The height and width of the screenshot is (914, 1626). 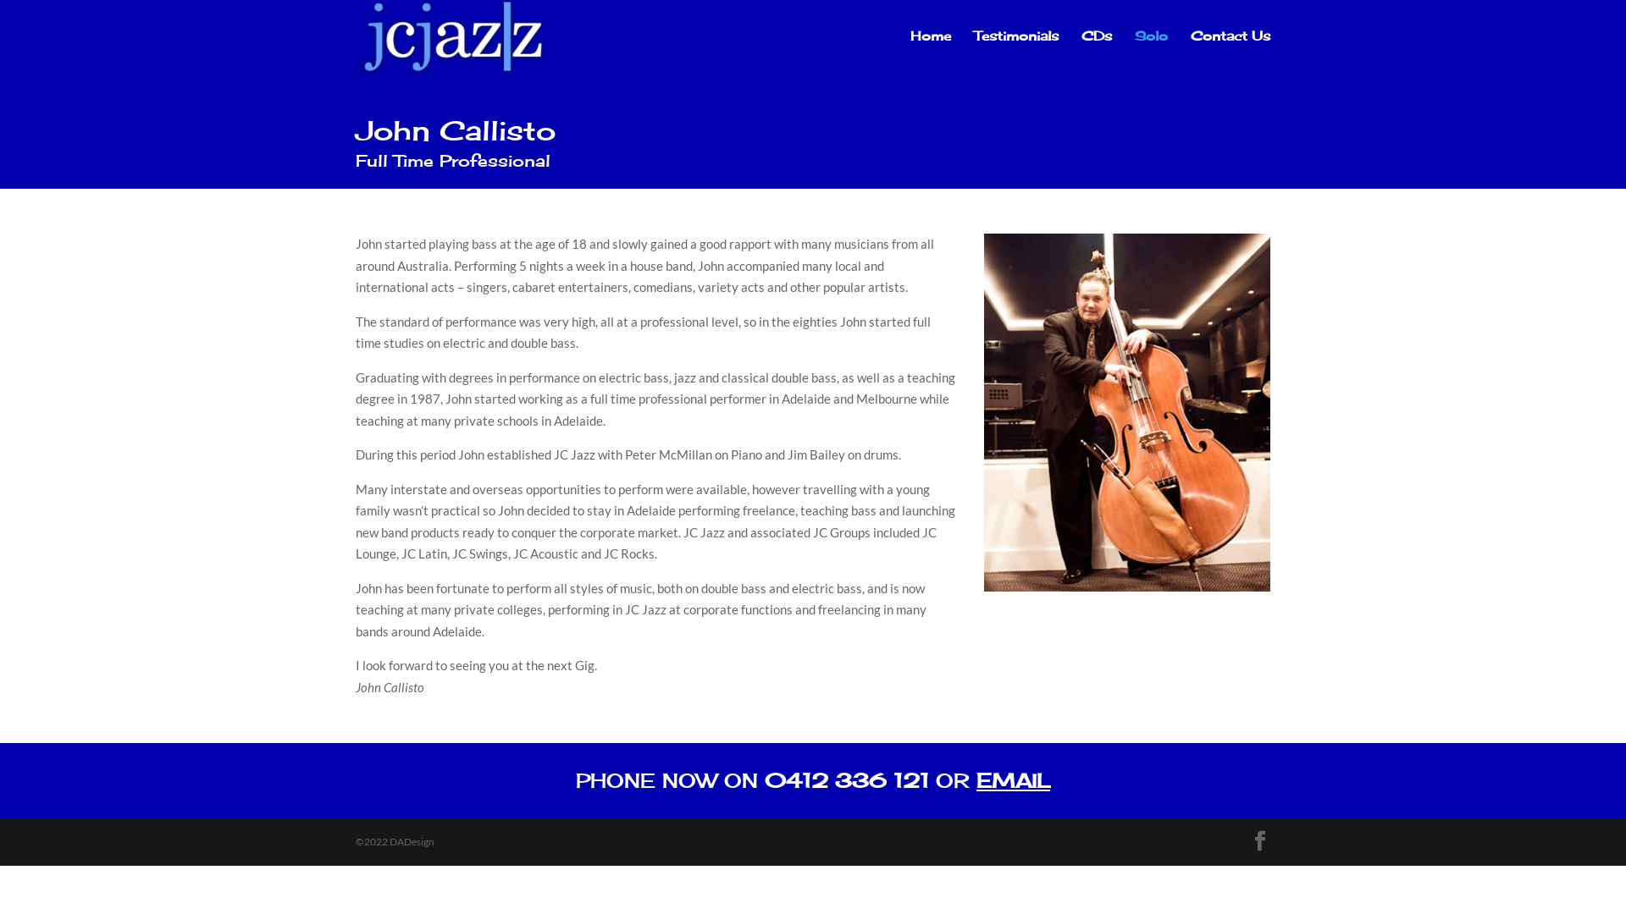 I want to click on 'Home', so click(x=930, y=51).